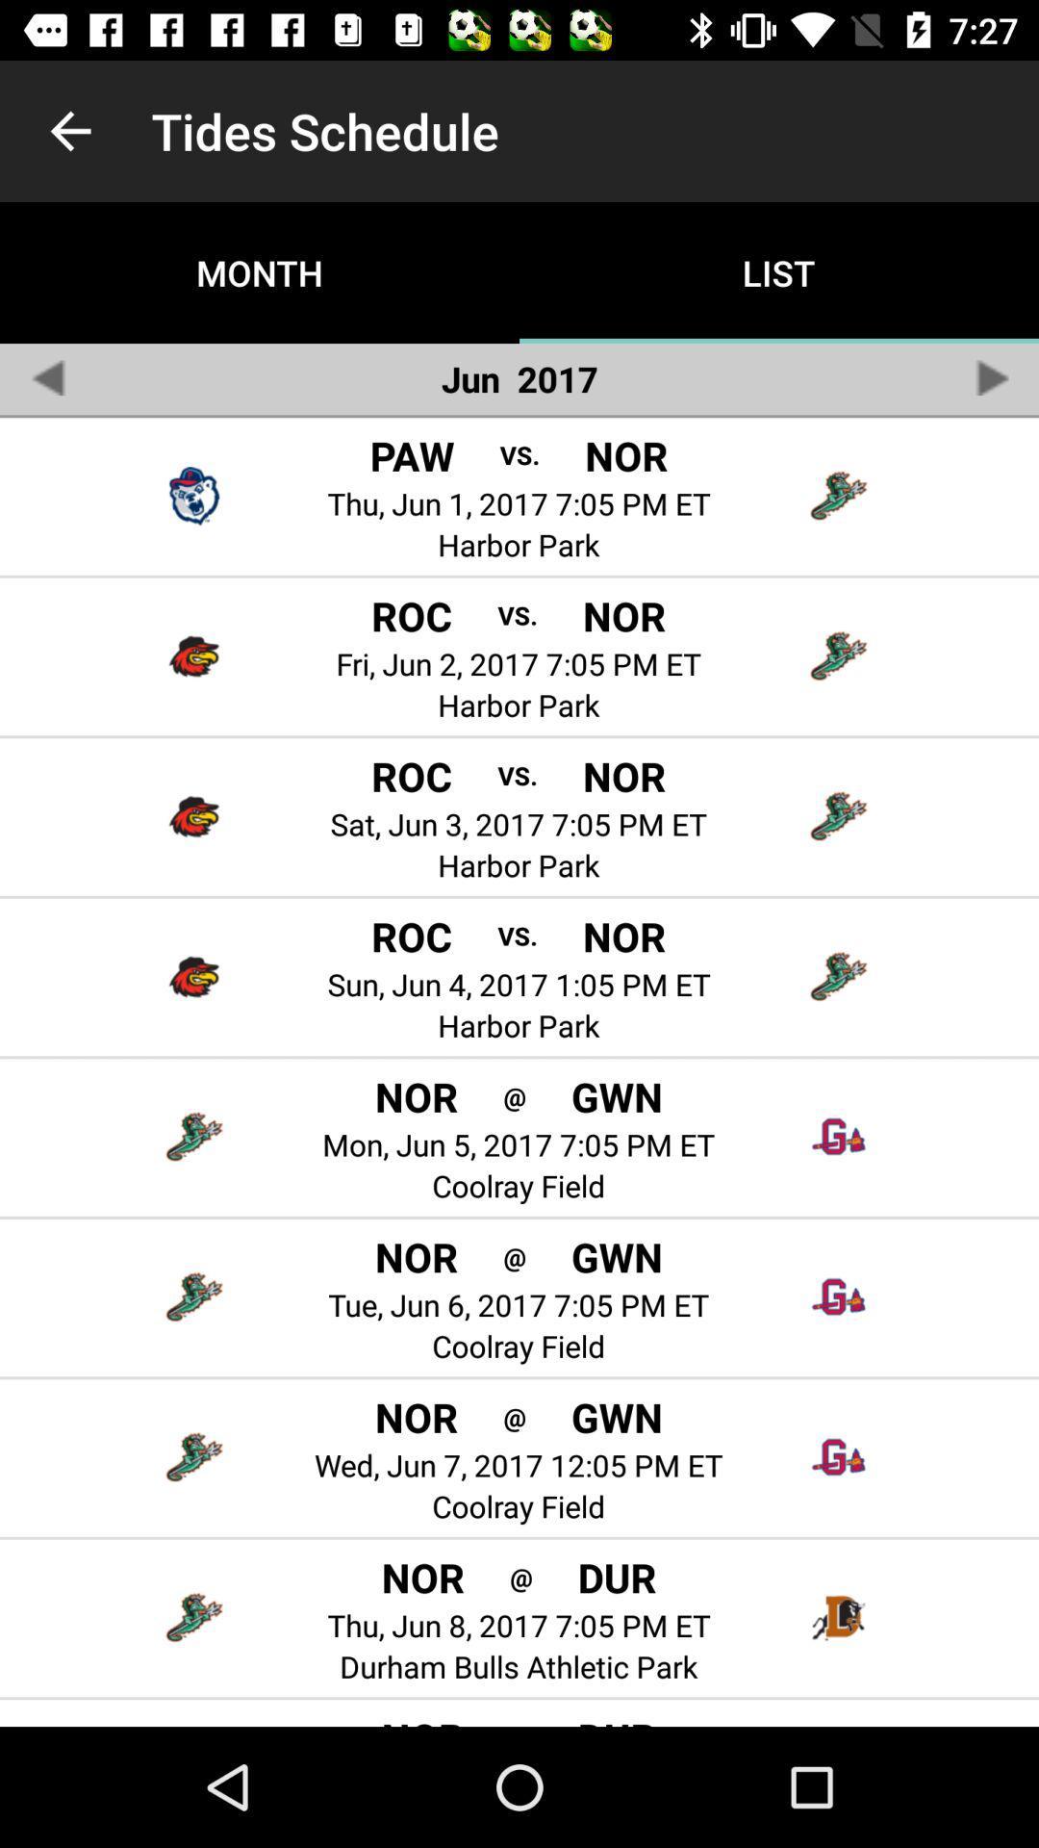  I want to click on the play icon, so click(991, 377).